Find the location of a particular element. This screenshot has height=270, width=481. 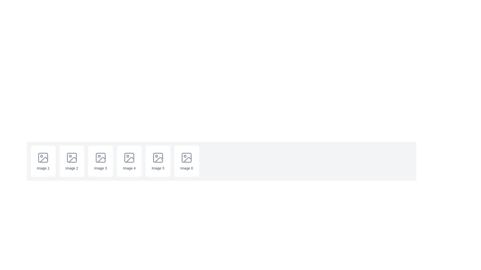

the image selection card located centrally in the row of six cards is located at coordinates (129, 161).